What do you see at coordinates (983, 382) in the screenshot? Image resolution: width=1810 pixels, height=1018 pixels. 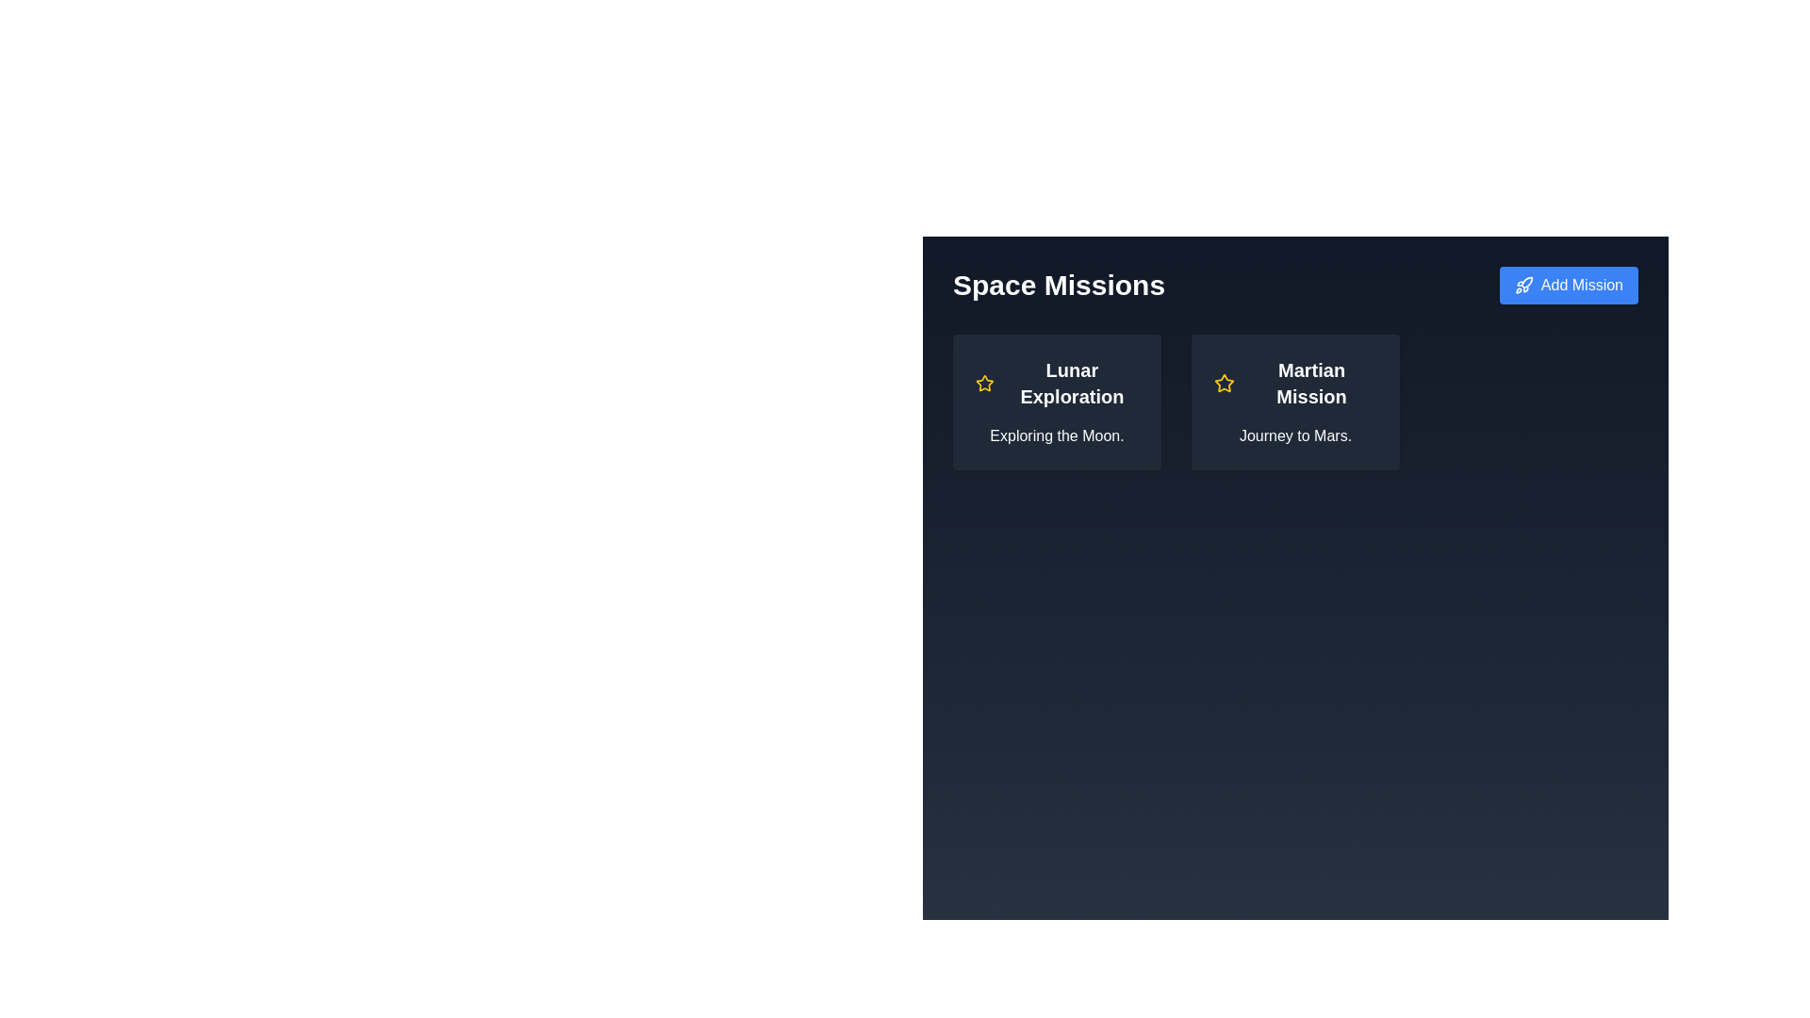 I see `interactive star icon located in the top-left corner of the 'Lunar Exploration' card under 'Space Missions' for details` at bounding box center [983, 382].